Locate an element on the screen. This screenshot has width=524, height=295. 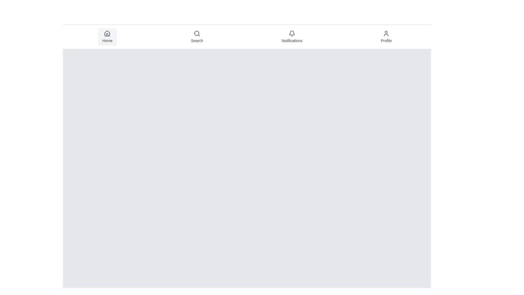
the navigational button that accesses the search functionality, located between the 'Home' and 'Notifications' buttons at the top center of the interface is located at coordinates (196, 37).